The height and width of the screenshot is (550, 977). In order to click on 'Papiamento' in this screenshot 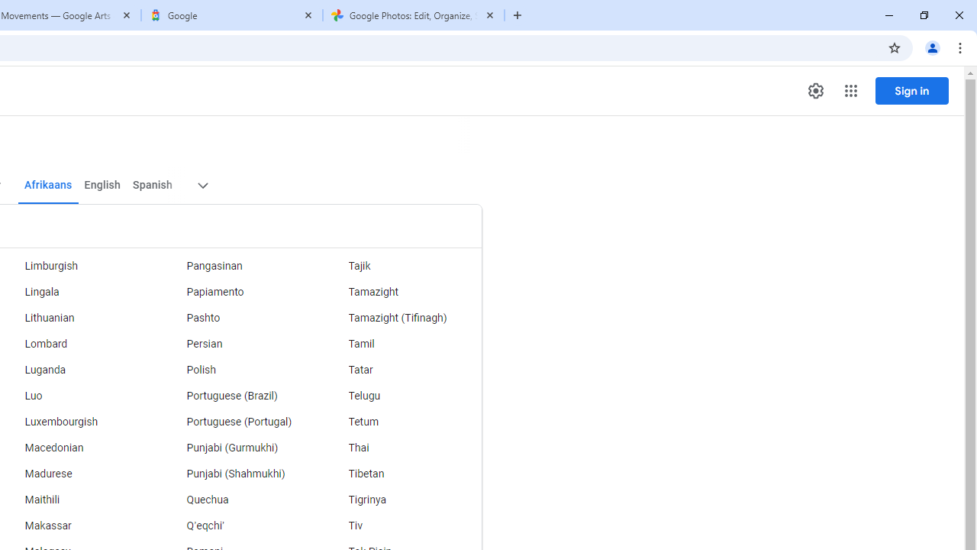, I will do `click(237, 293)`.